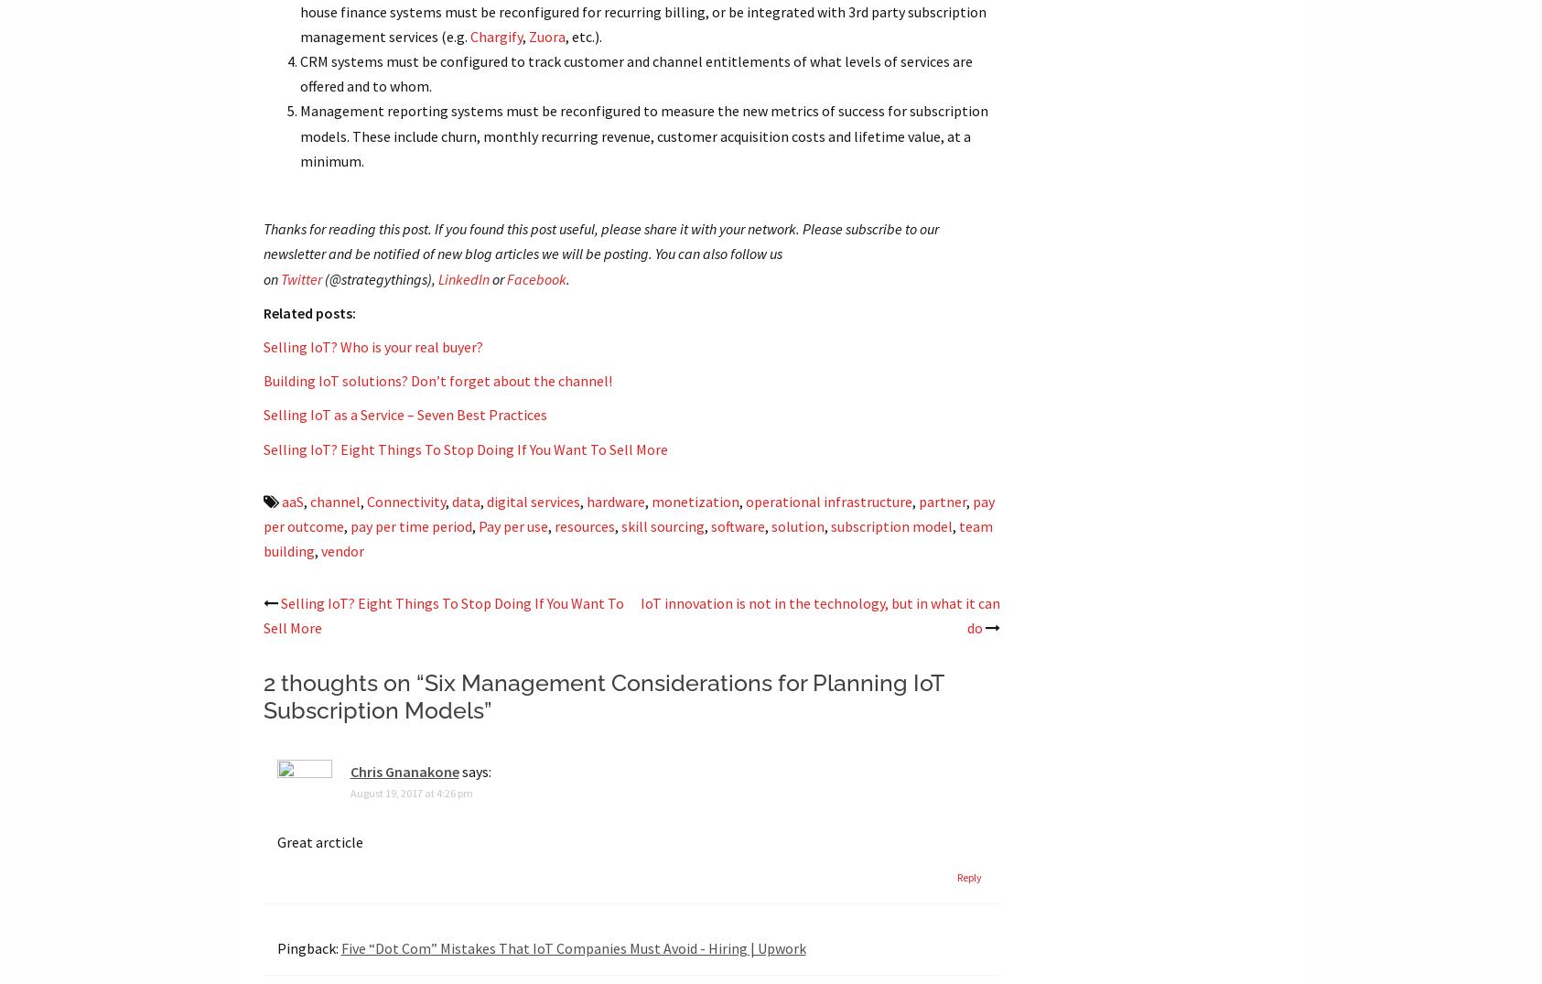  What do you see at coordinates (437, 277) in the screenshot?
I see `'LinkedIn'` at bounding box center [437, 277].